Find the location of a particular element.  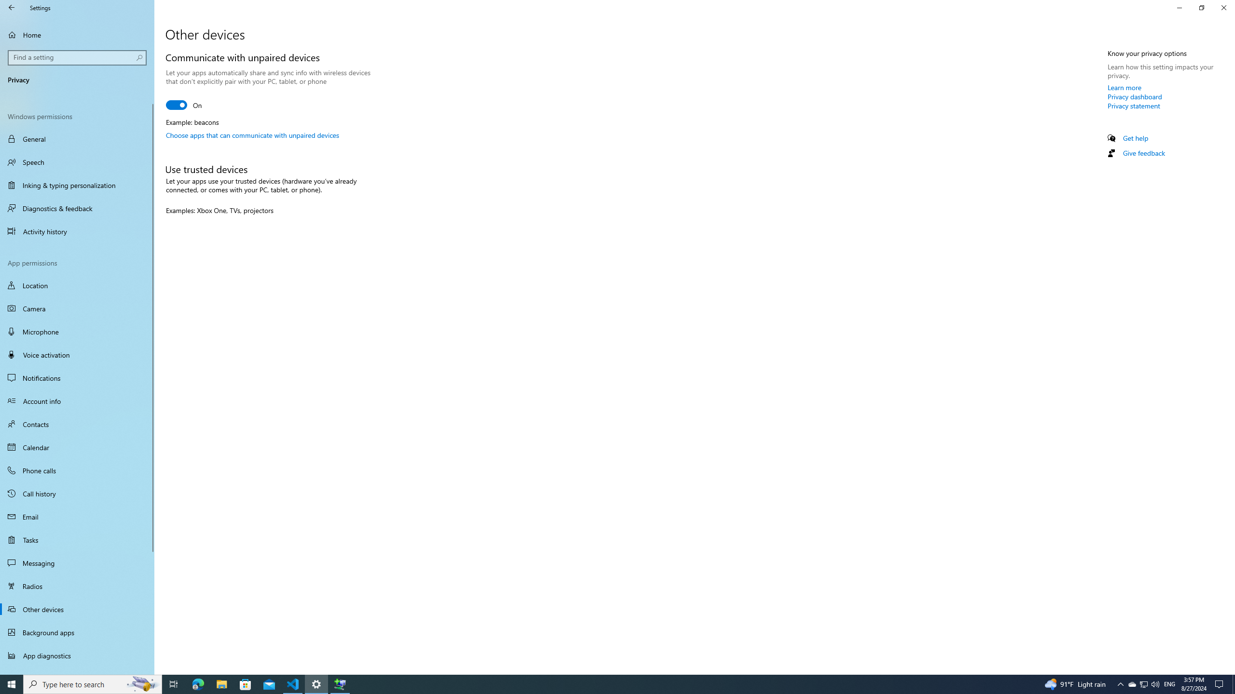

'Back' is located at coordinates (12, 7).